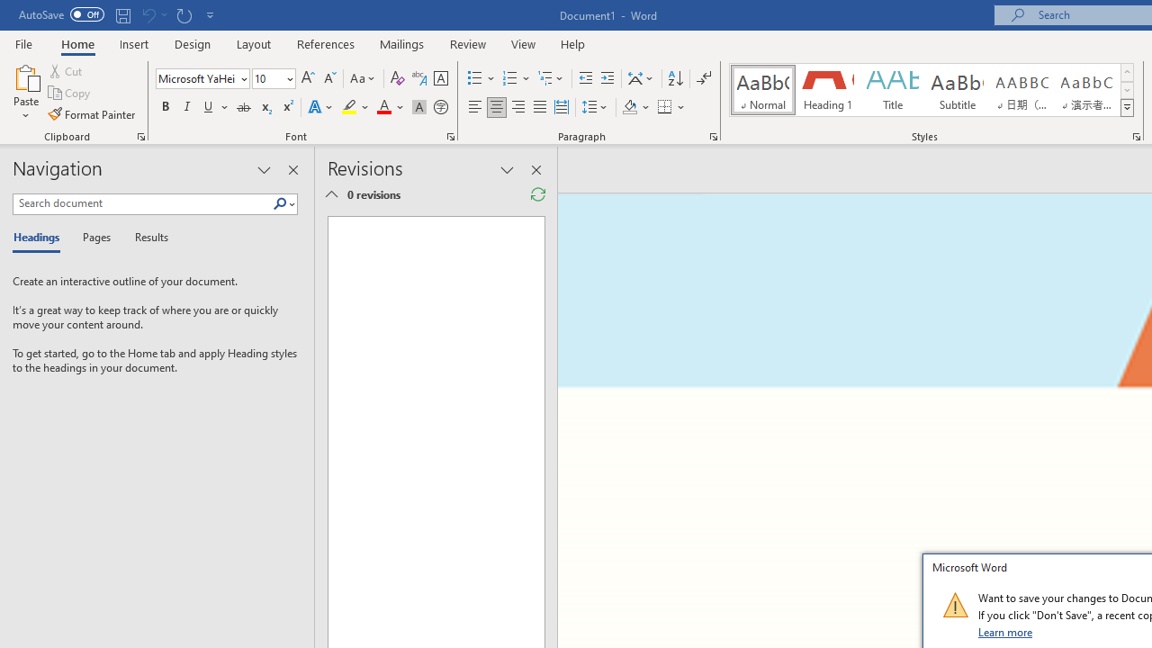 The height and width of the screenshot is (648, 1152). I want to click on 'Bold', so click(165, 107).